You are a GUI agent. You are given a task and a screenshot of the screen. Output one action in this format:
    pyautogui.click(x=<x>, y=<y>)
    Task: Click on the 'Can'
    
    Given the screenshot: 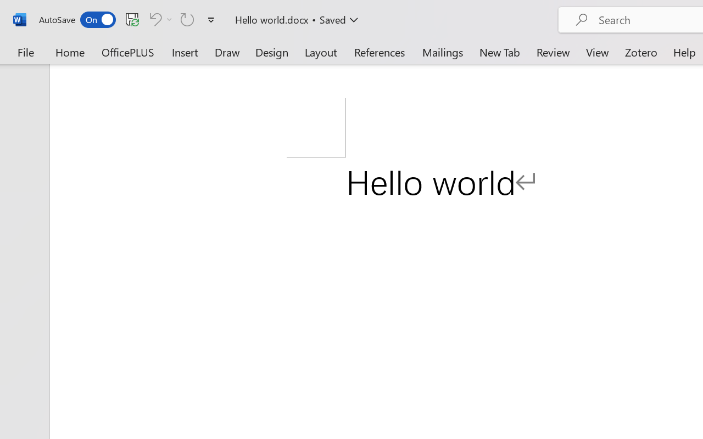 What is the action you would take?
    pyautogui.click(x=153, y=19)
    